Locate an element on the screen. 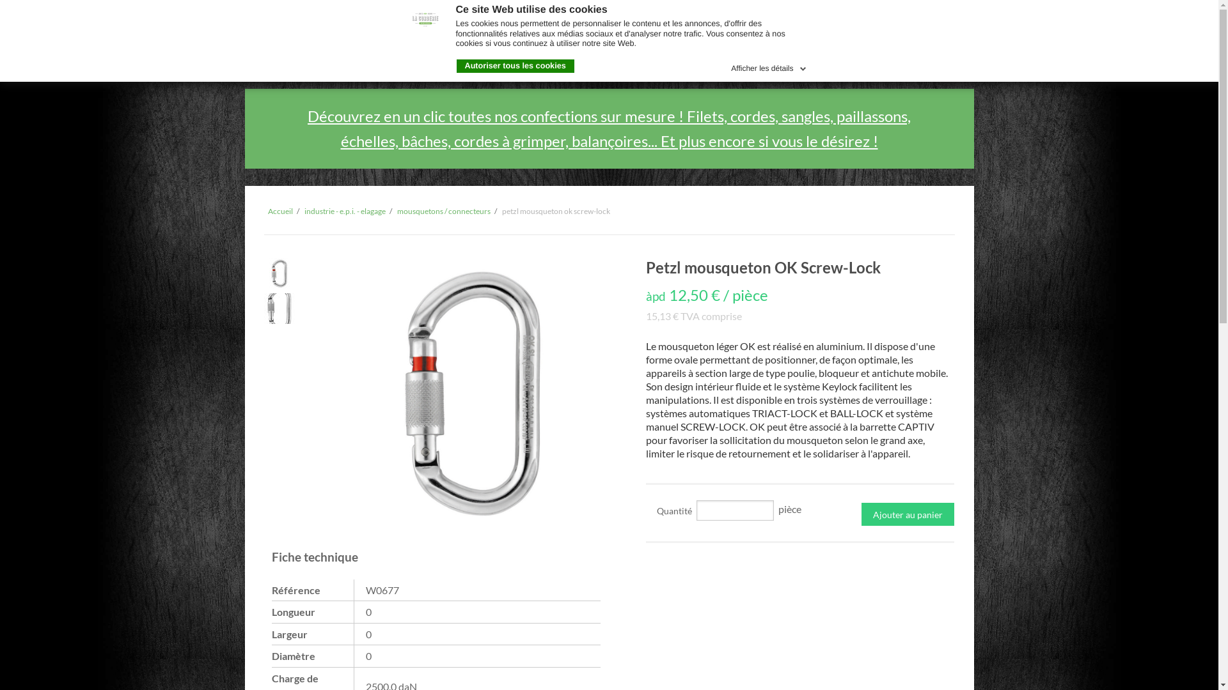 The width and height of the screenshot is (1228, 690). 'Accueil' is located at coordinates (279, 210).